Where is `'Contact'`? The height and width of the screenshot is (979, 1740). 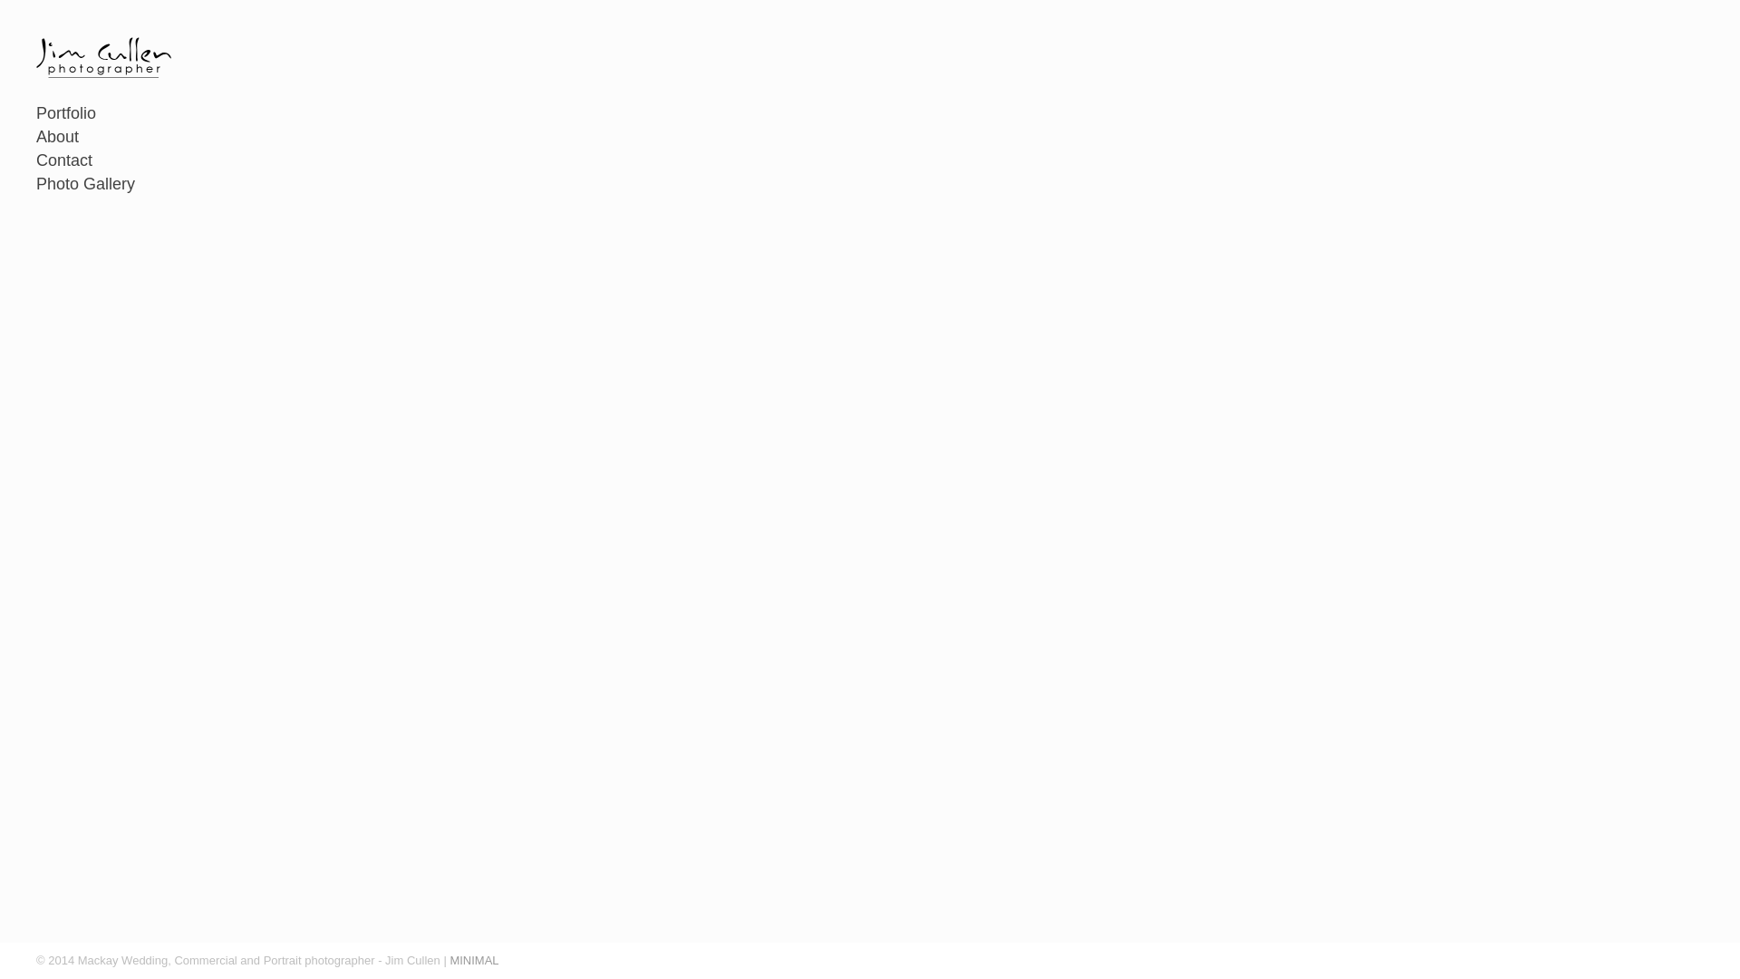
'Contact' is located at coordinates (103, 160).